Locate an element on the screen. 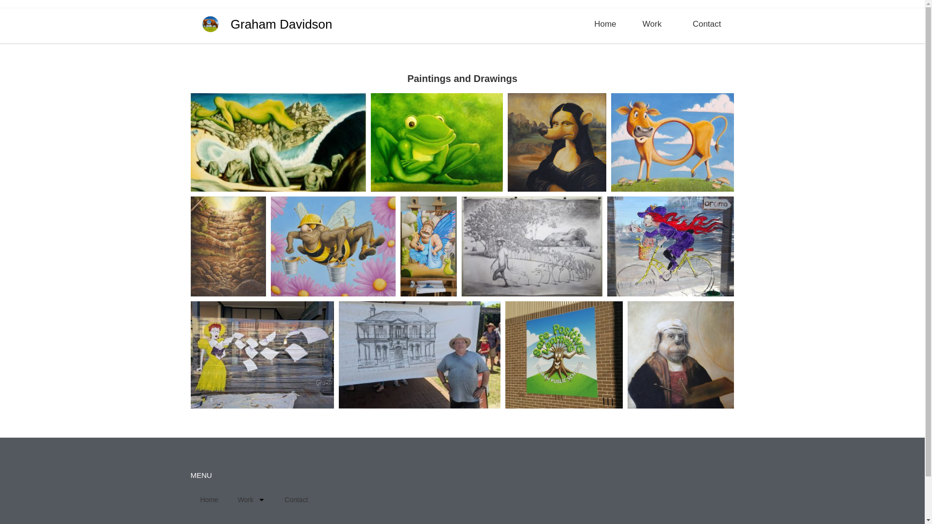 The height and width of the screenshot is (524, 932). 'Contact' is located at coordinates (295, 499).